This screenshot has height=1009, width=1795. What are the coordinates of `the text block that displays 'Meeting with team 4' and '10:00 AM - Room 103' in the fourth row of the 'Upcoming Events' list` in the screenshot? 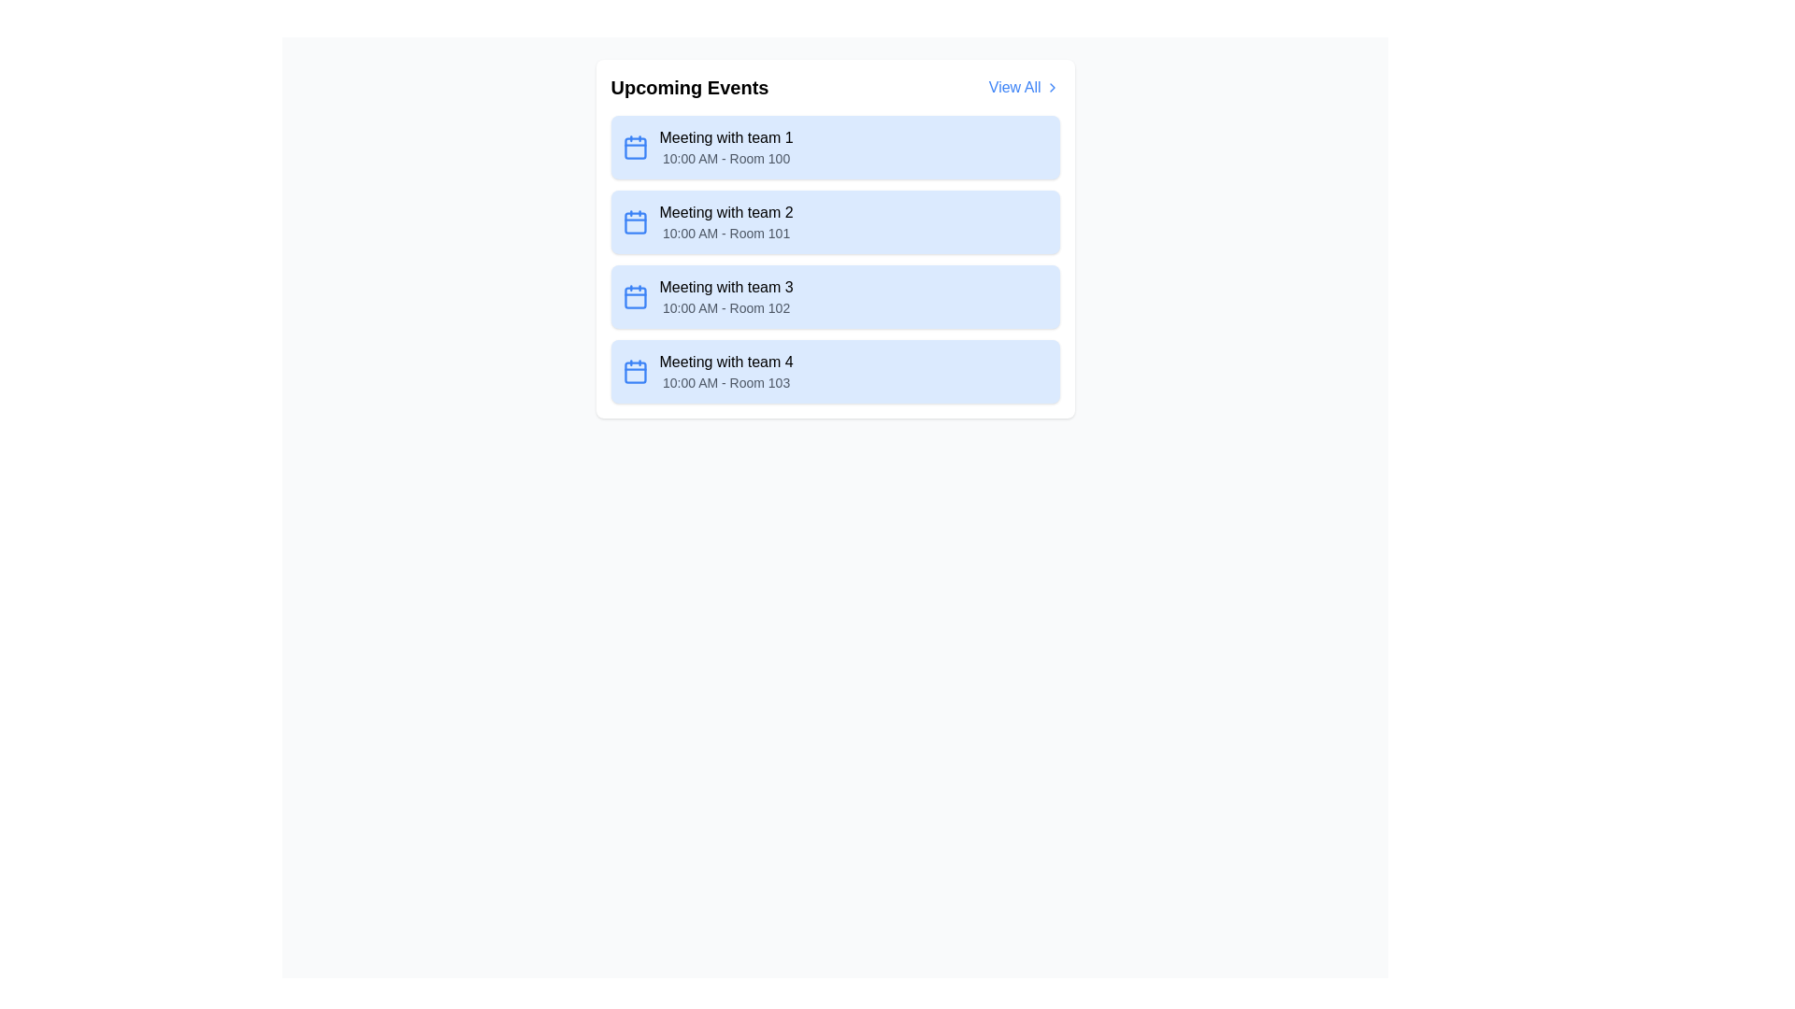 It's located at (725, 371).